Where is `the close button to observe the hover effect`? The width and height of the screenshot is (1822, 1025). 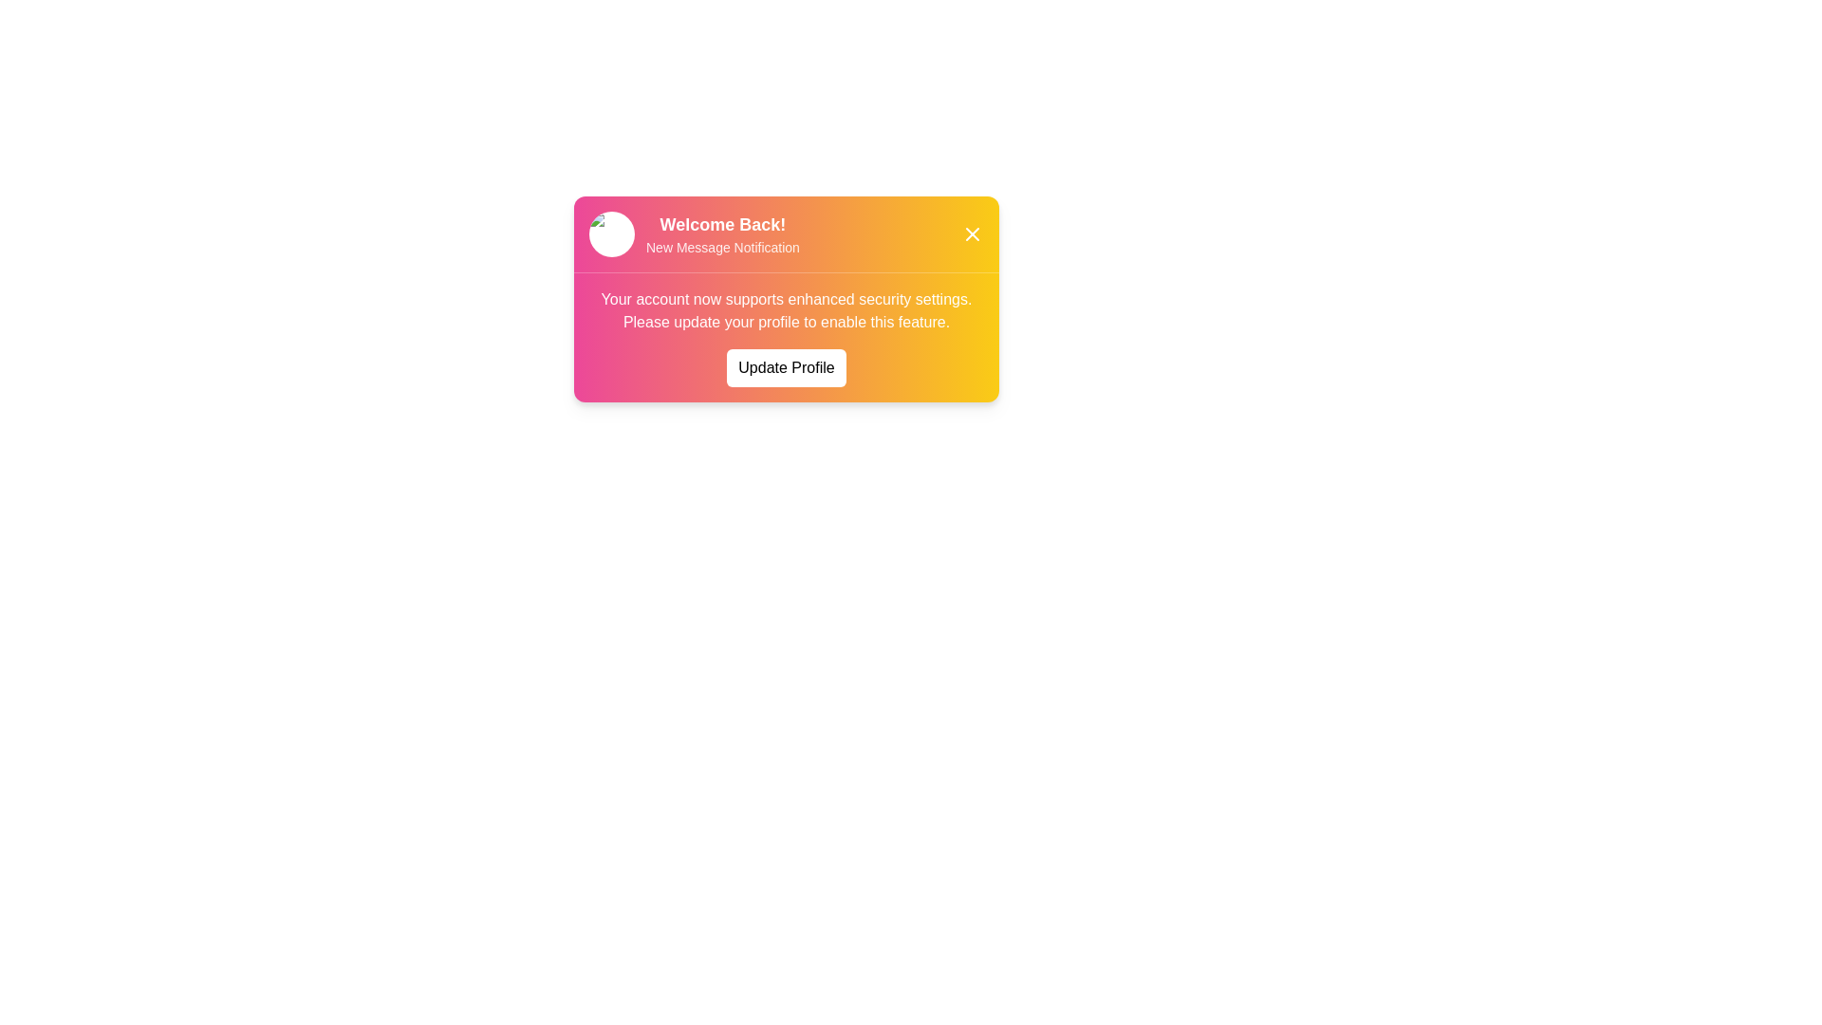 the close button to observe the hover effect is located at coordinates (973, 233).